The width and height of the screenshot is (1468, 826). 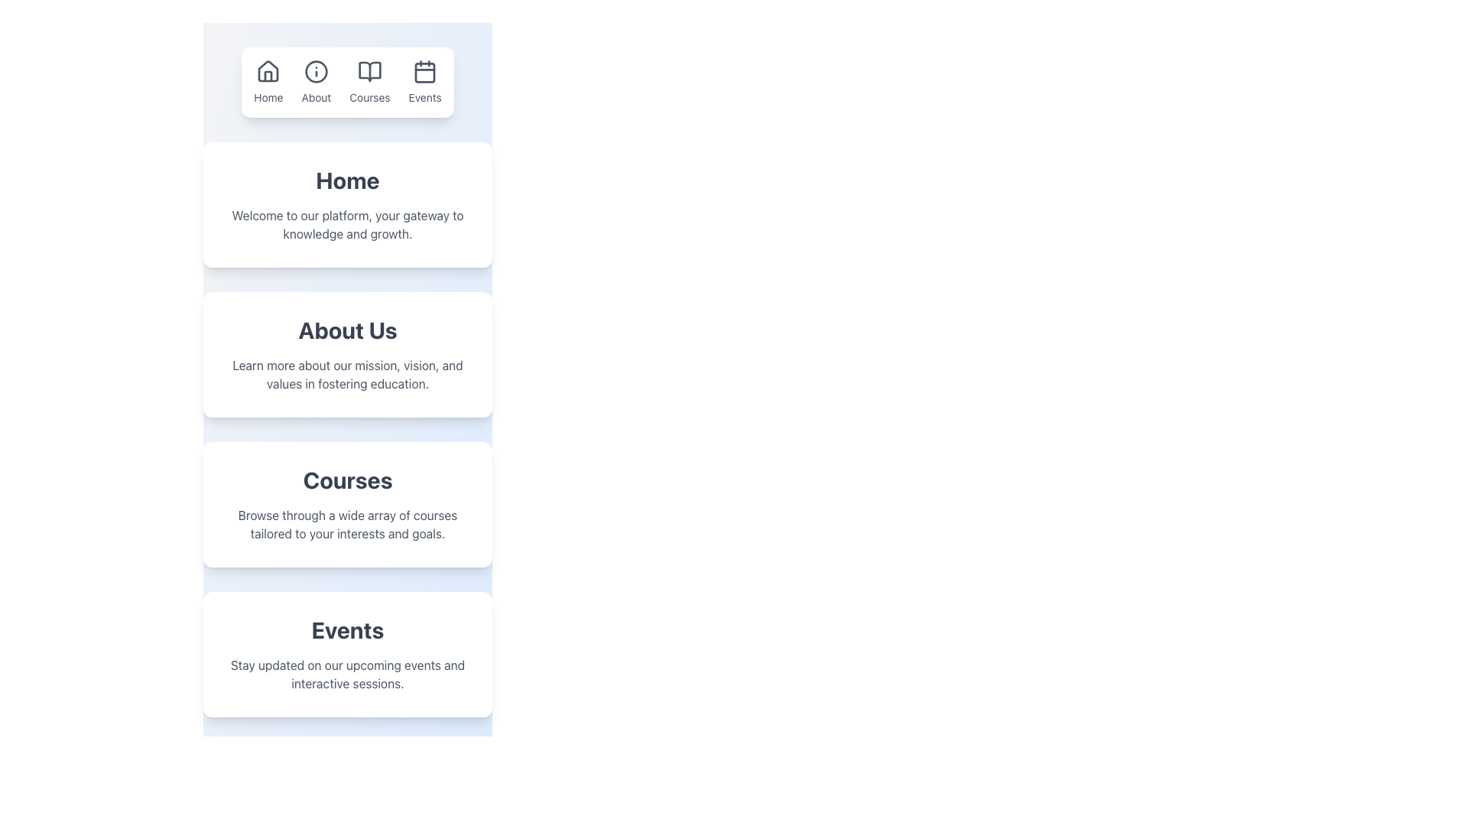 What do you see at coordinates (347, 480) in the screenshot?
I see `the text header 'Courses', which is bold and large, located at the top of the 'Courses' section within the third card on the page` at bounding box center [347, 480].